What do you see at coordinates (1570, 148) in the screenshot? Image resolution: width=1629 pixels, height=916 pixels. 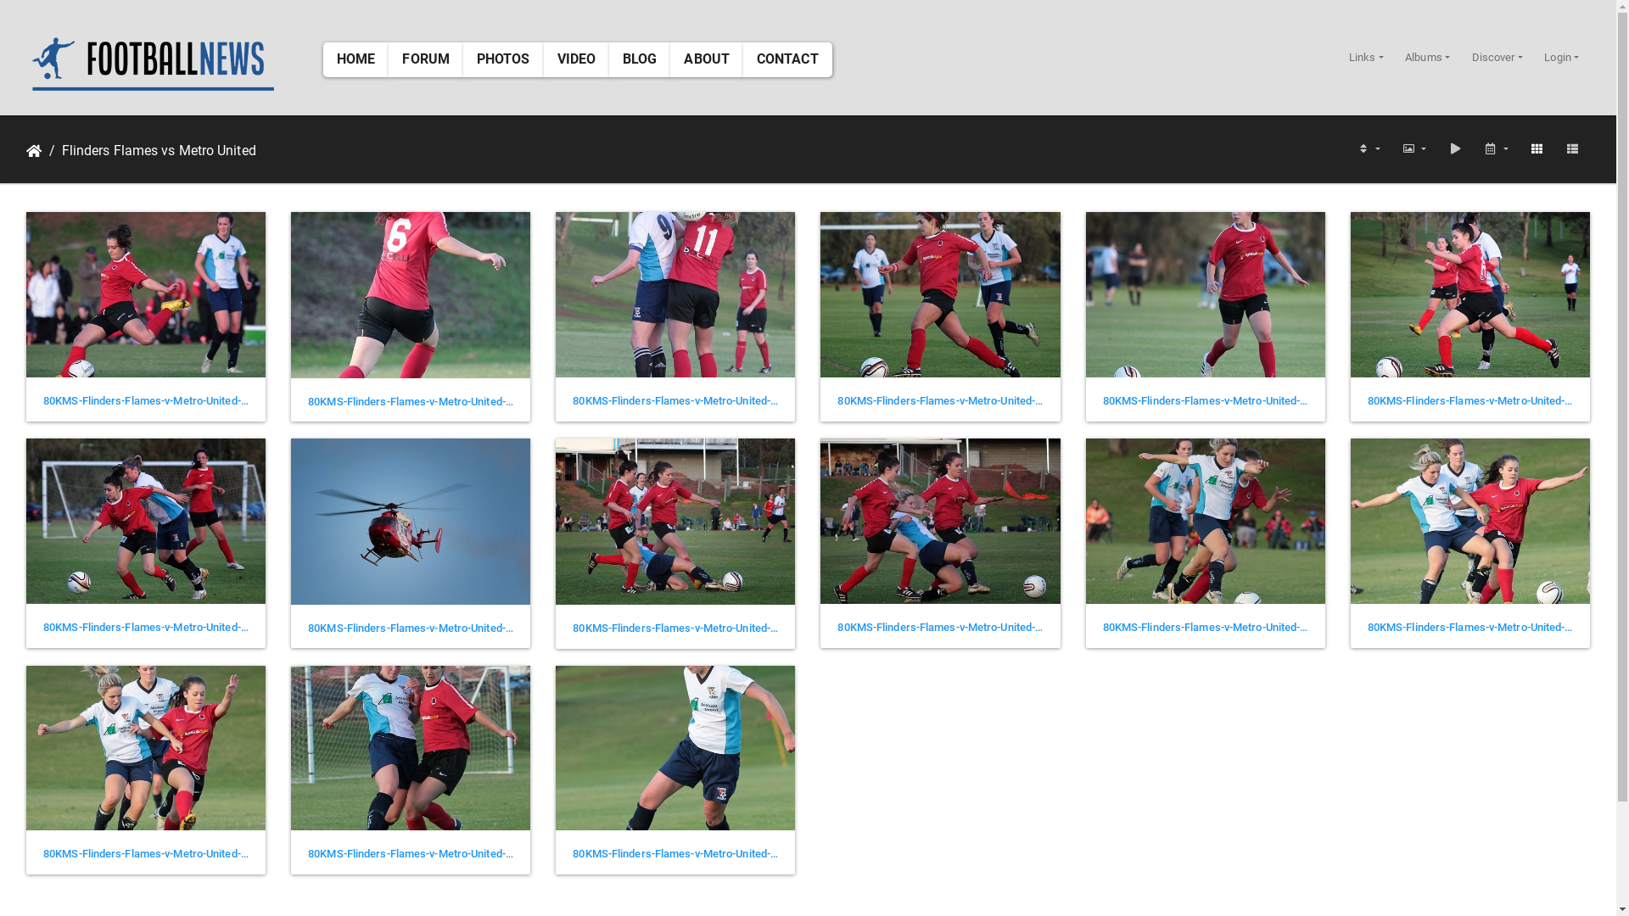 I see `'List view'` at bounding box center [1570, 148].